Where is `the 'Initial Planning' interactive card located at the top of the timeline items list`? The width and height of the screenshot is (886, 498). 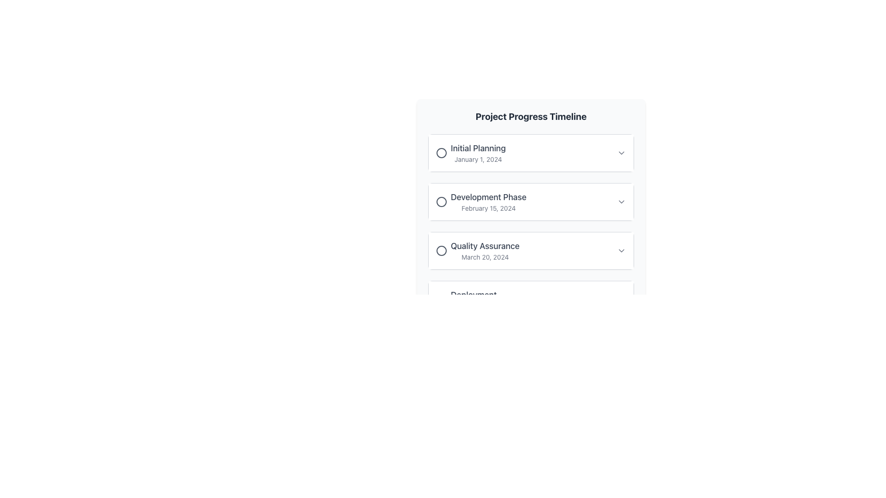
the 'Initial Planning' interactive card located at the top of the timeline items list is located at coordinates (531, 152).